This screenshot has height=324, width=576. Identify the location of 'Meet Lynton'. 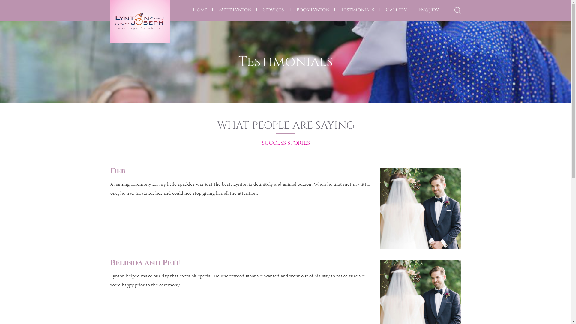
(235, 10).